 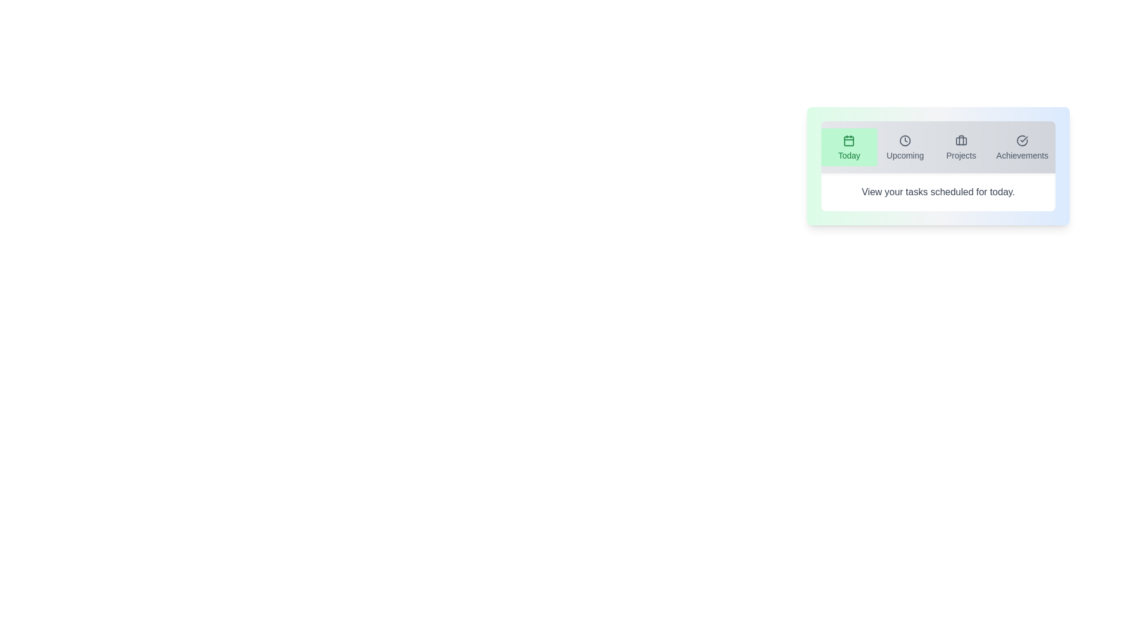 What do you see at coordinates (905, 147) in the screenshot?
I see `the tab labeled Upcoming` at bounding box center [905, 147].